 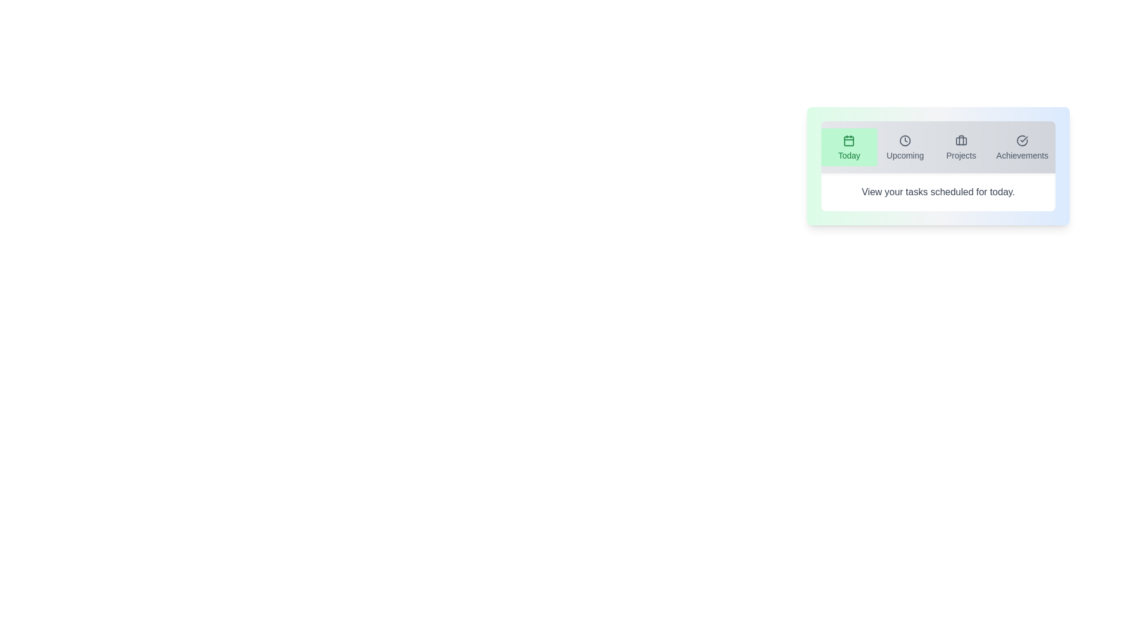 What do you see at coordinates (905, 147) in the screenshot?
I see `the tab labeled Upcoming` at bounding box center [905, 147].